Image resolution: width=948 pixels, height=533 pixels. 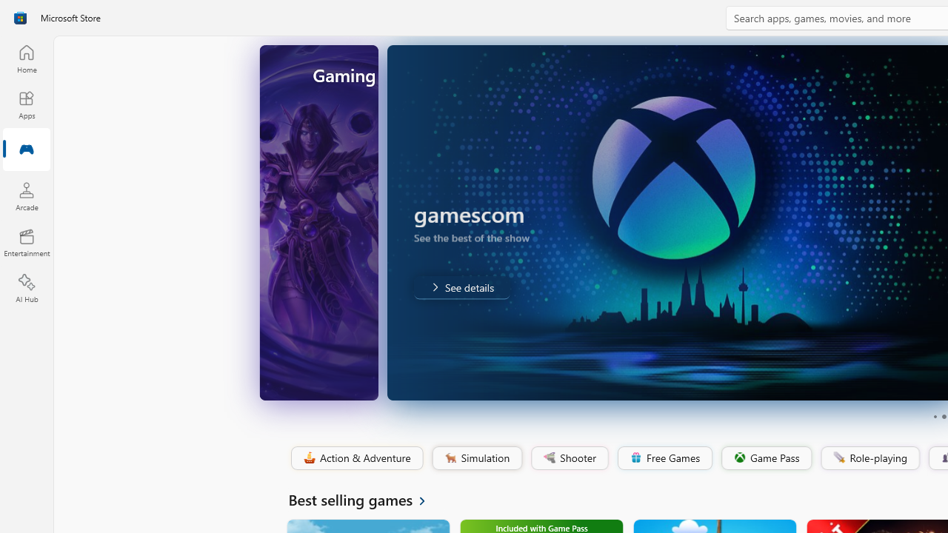 What do you see at coordinates (476, 457) in the screenshot?
I see `'Simulation'` at bounding box center [476, 457].